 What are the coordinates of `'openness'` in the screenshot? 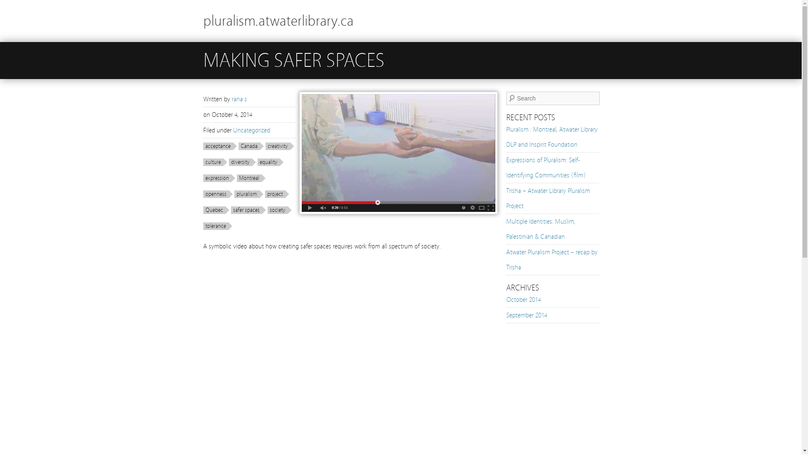 It's located at (218, 194).